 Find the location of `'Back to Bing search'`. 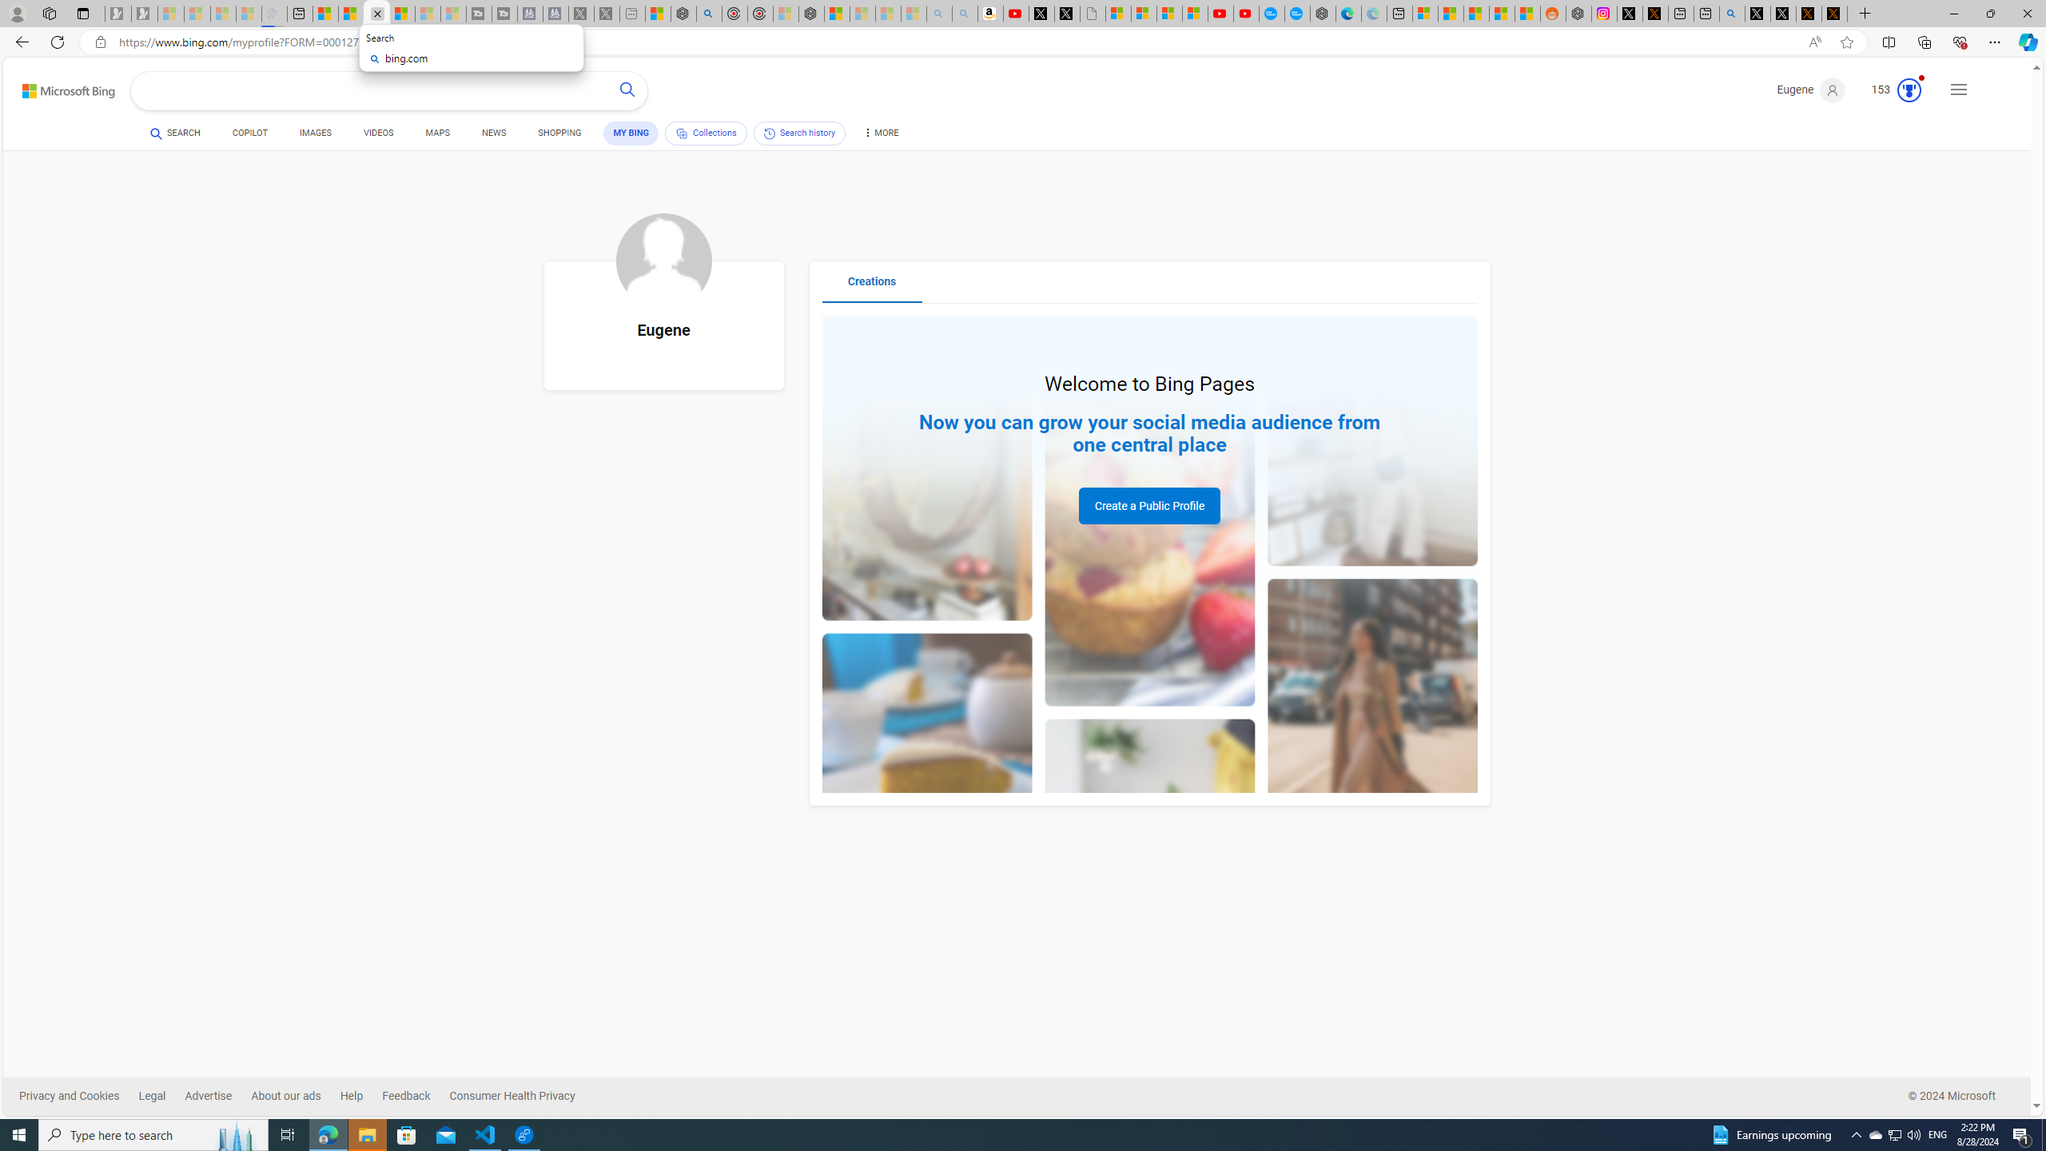

'Back to Bing search' is located at coordinates (58, 86).